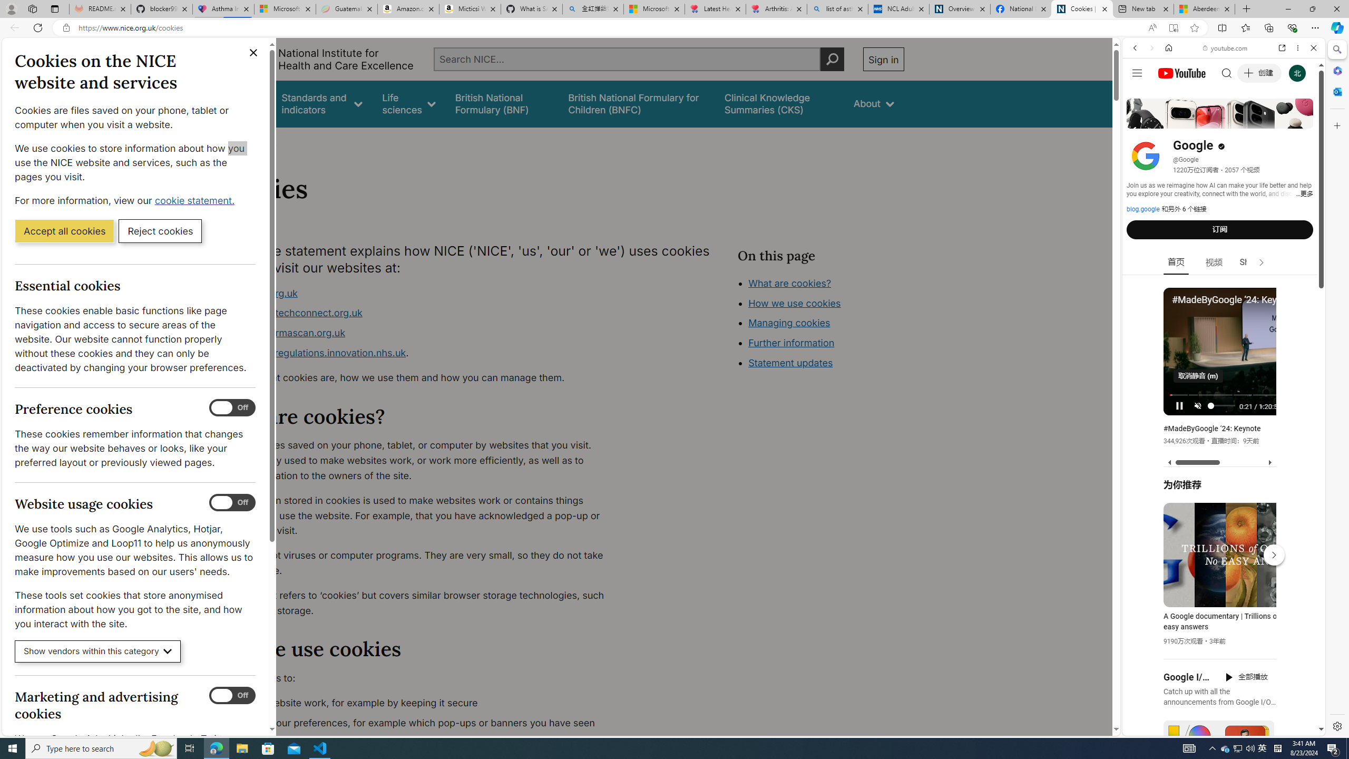  I want to click on 'Search Filter, IMAGES', so click(1169, 120).